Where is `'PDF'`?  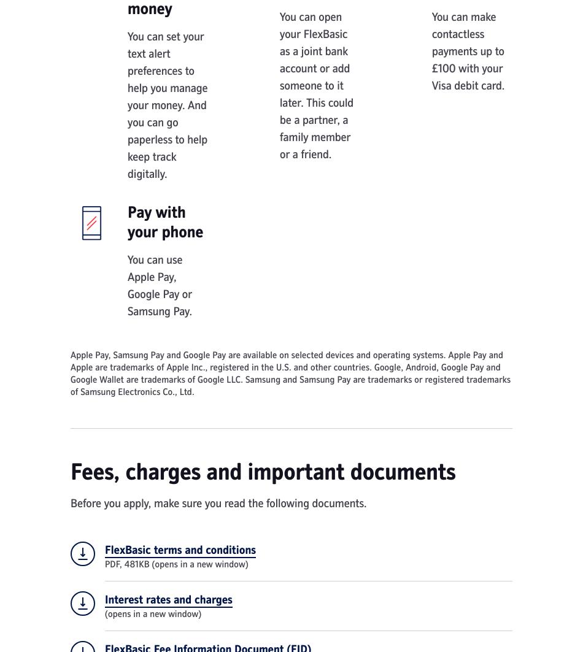 'PDF' is located at coordinates (112, 564).